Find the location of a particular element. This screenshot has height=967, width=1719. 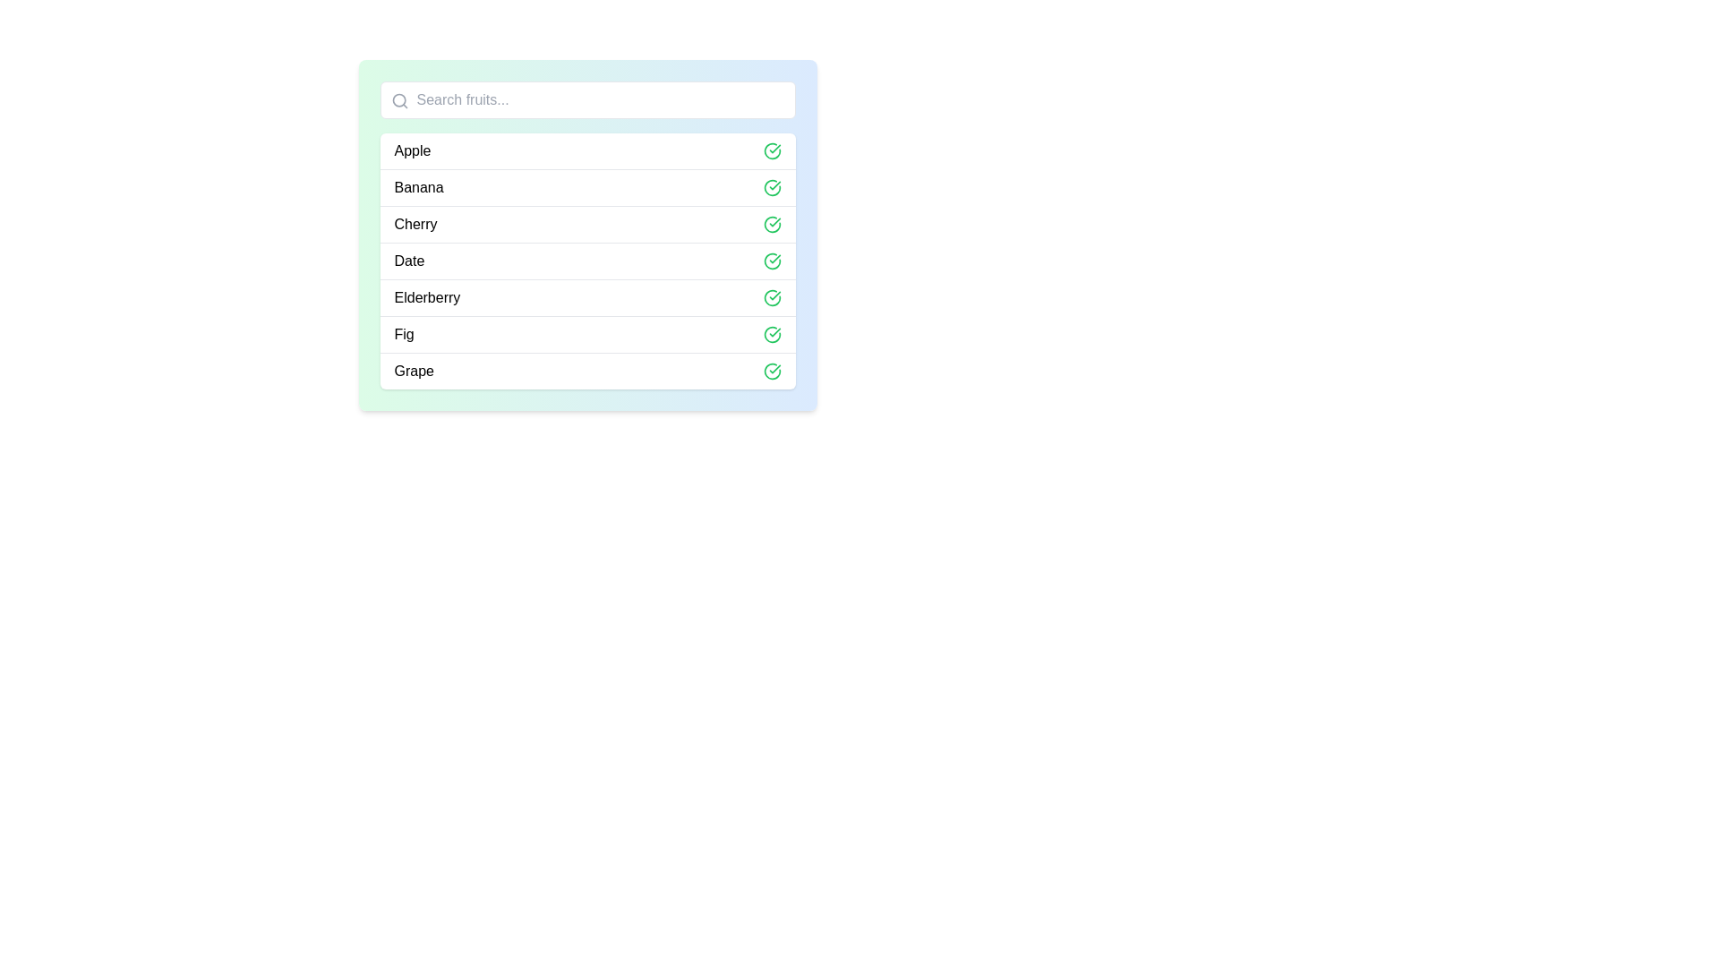

the circular checkmark icon indicating success, located beside the 'Cherry' item in the list is located at coordinates (772, 223).